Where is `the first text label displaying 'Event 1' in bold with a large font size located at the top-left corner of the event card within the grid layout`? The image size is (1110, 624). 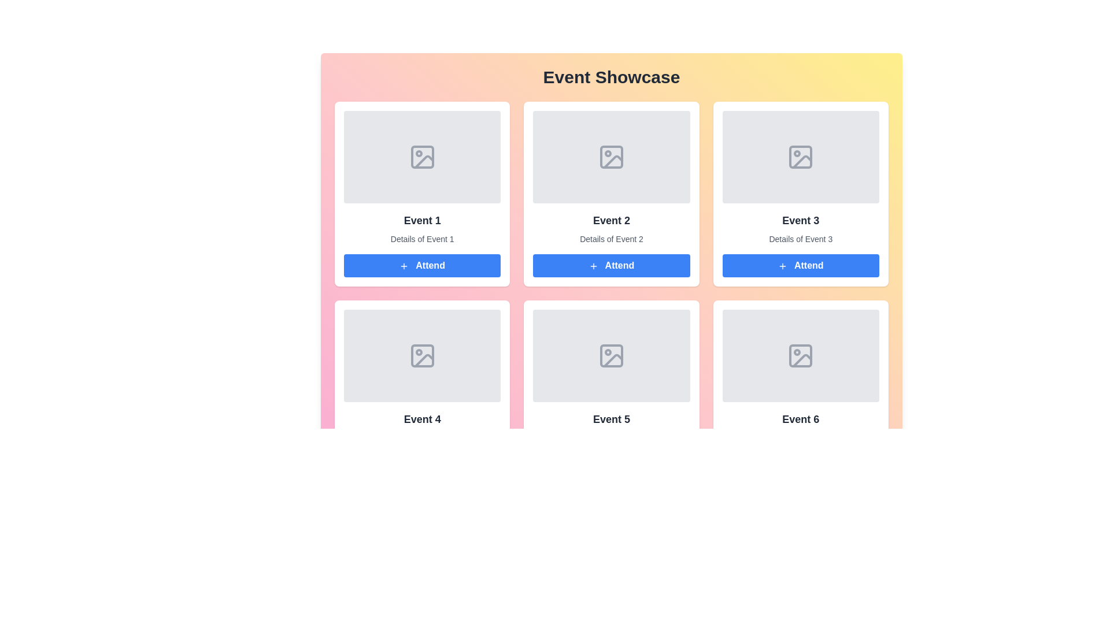 the first text label displaying 'Event 1' in bold with a large font size located at the top-left corner of the event card within the grid layout is located at coordinates (421, 220).